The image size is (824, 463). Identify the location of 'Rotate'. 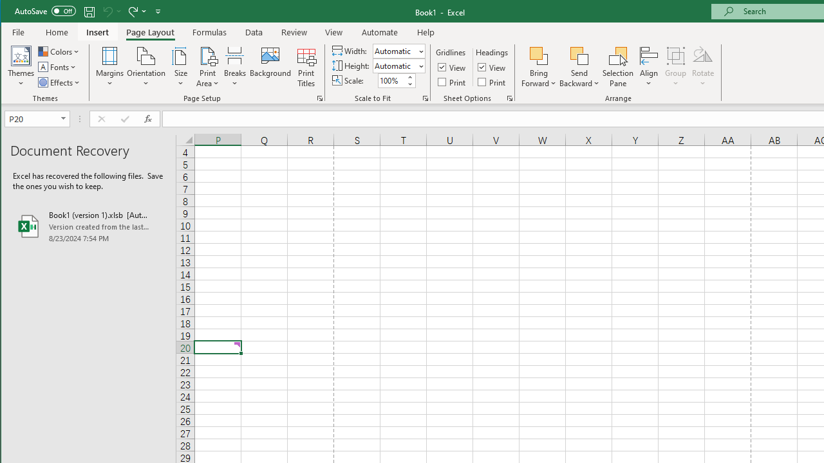
(702, 67).